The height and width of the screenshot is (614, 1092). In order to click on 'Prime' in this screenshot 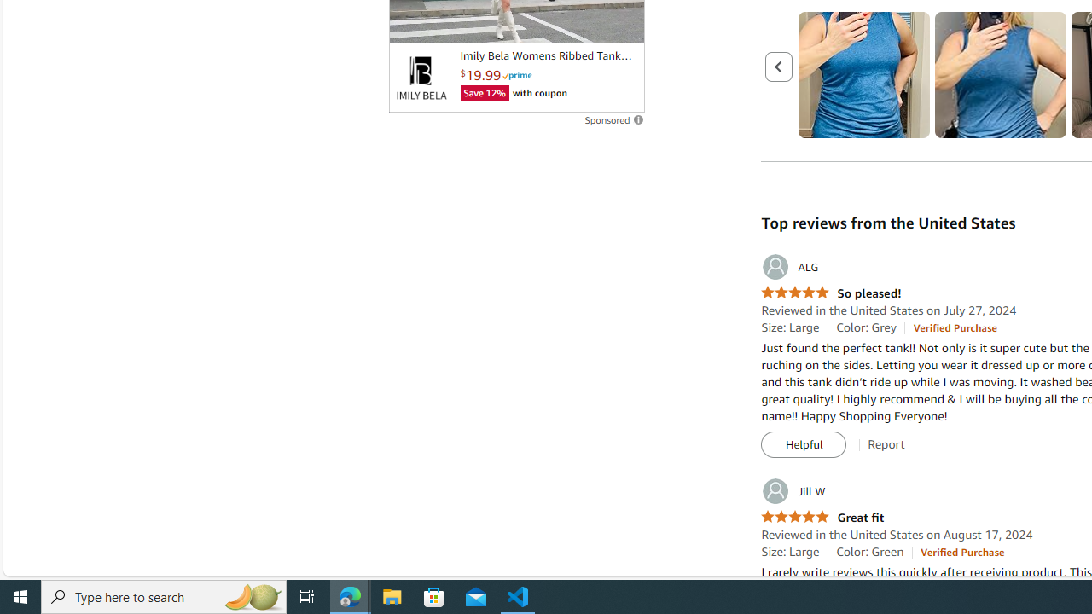, I will do `click(516, 74)`.